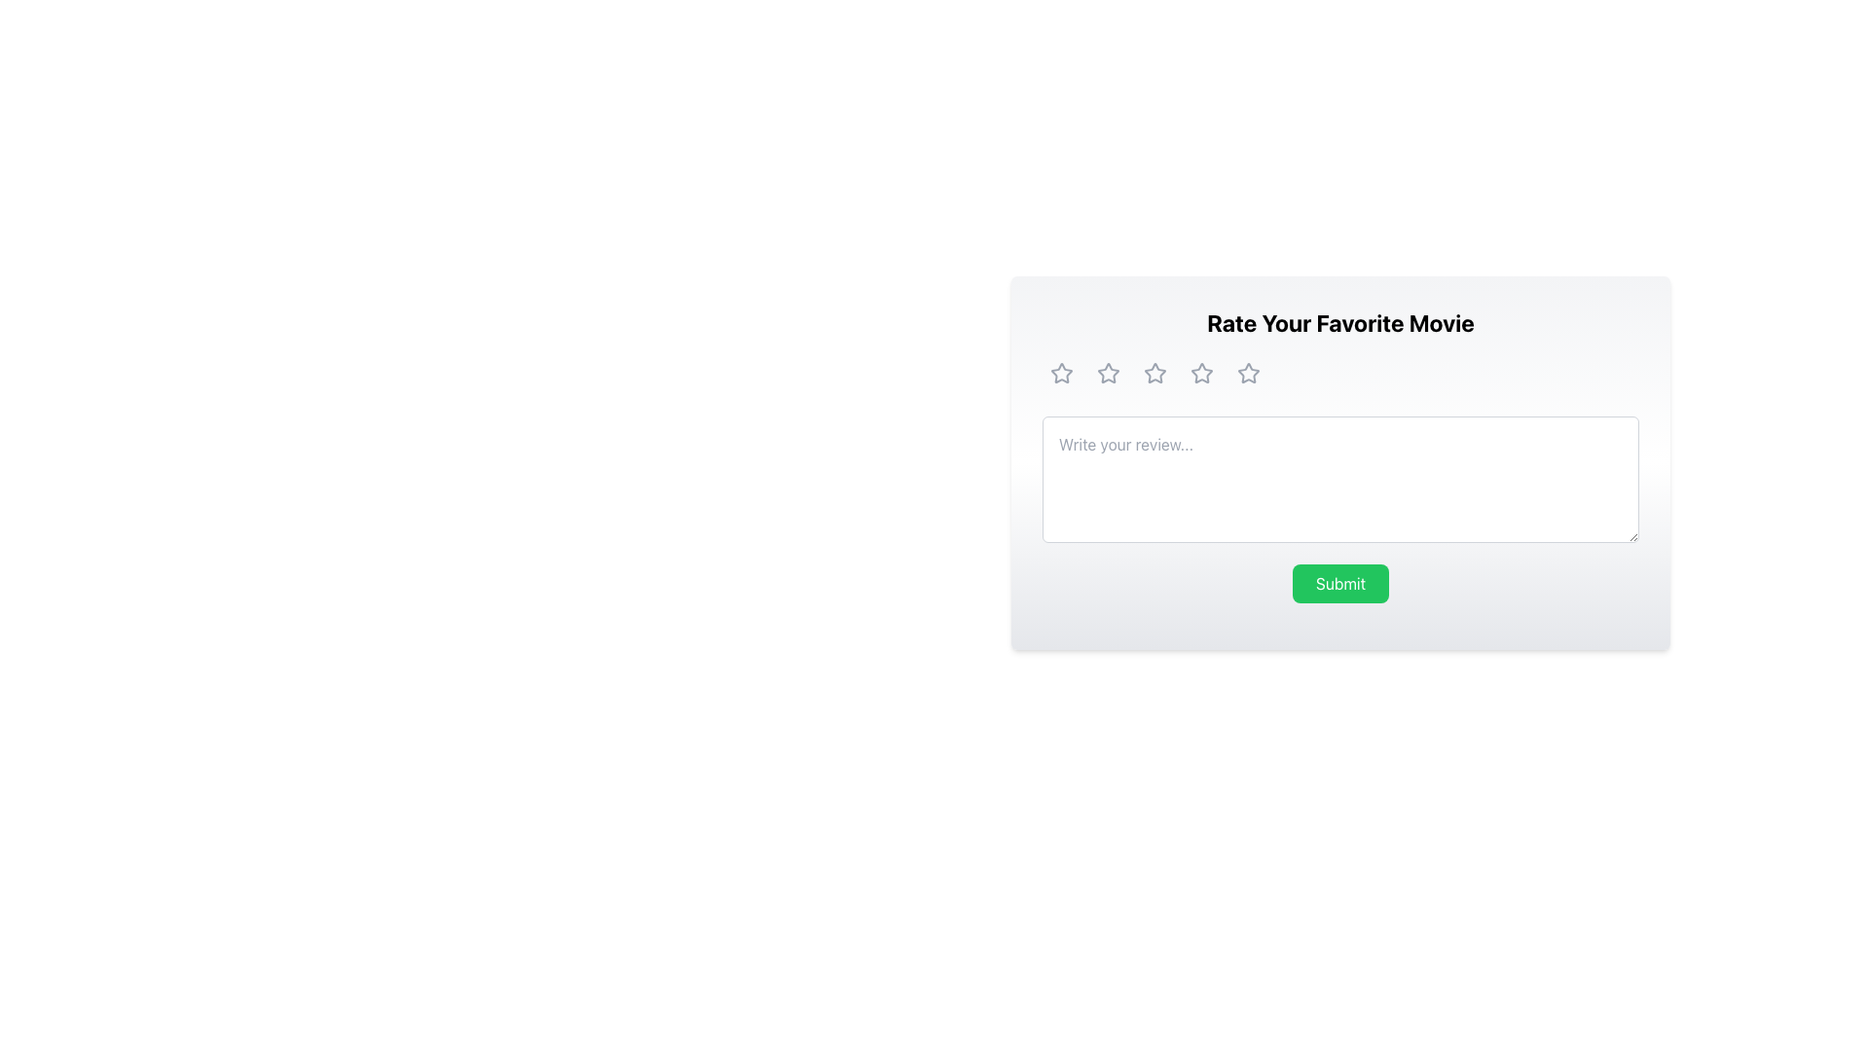  I want to click on the fourth star icon, so click(1248, 374).